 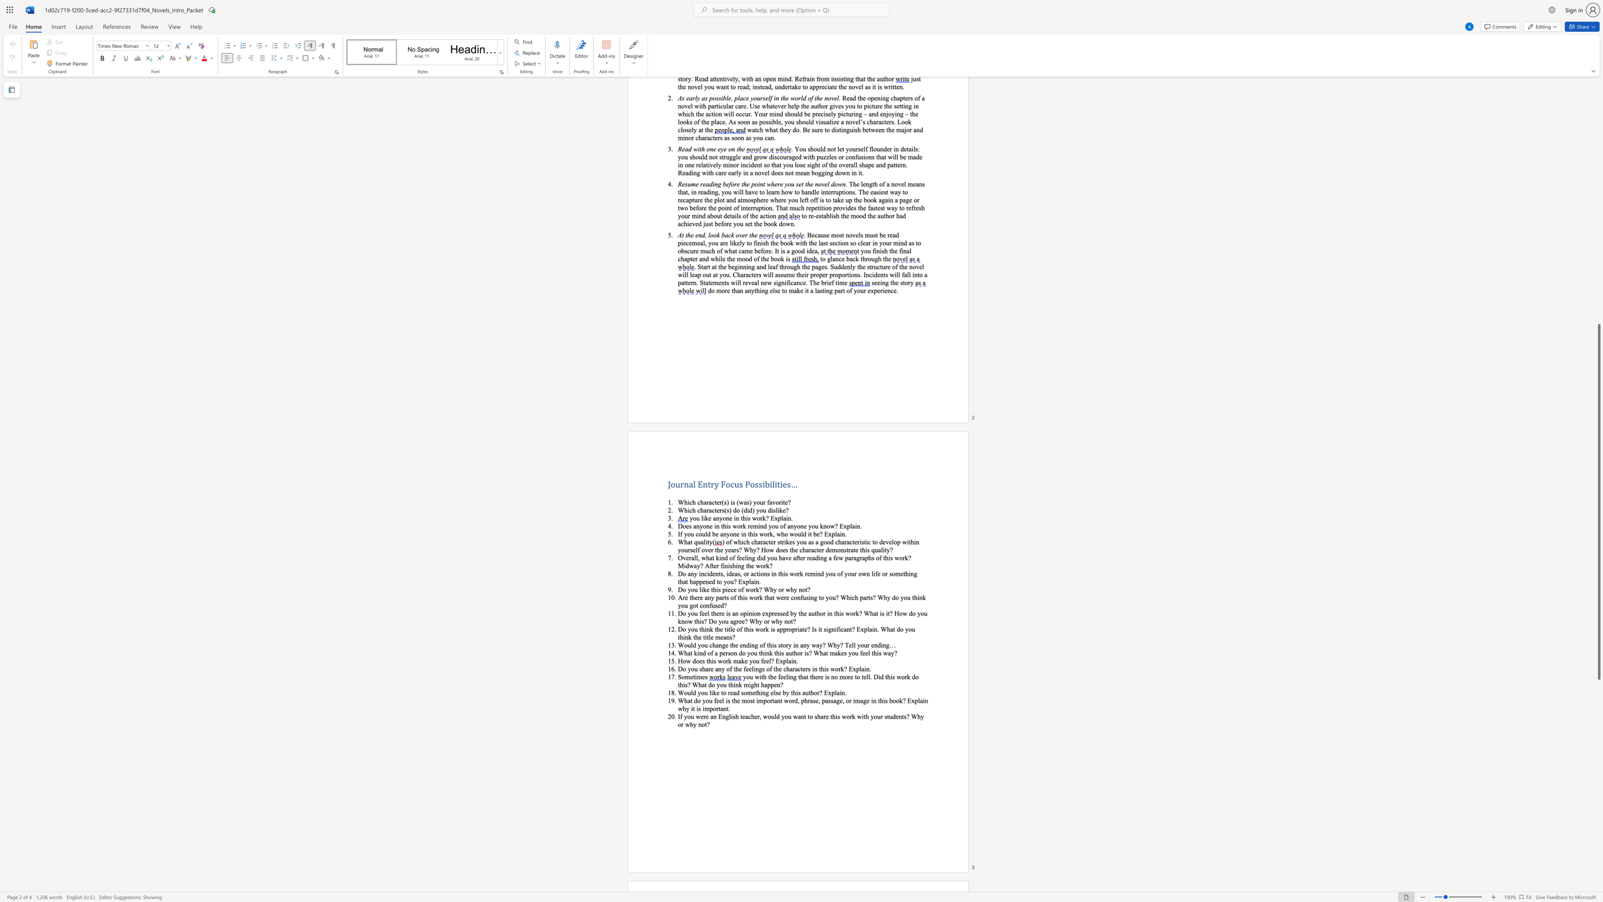 What do you see at coordinates (696, 541) in the screenshot?
I see `the 1th character "q" in the text` at bounding box center [696, 541].